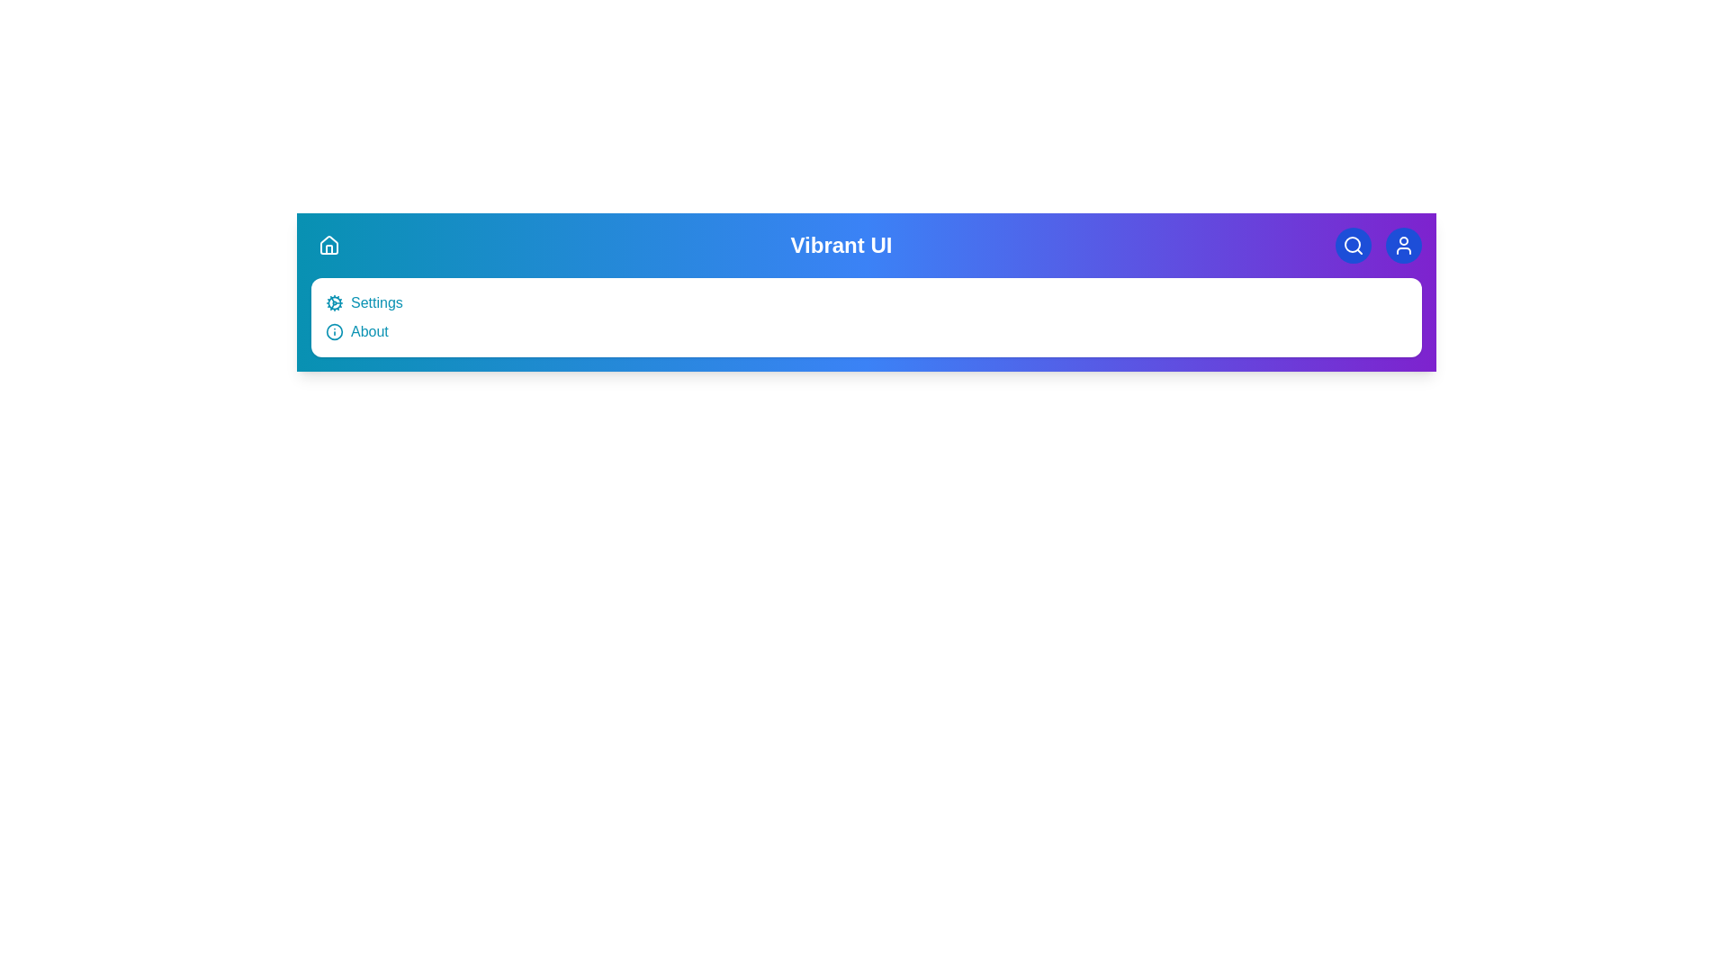 The width and height of the screenshot is (1728, 972). I want to click on the 'Settings' menu item to open the settings view, so click(375, 301).